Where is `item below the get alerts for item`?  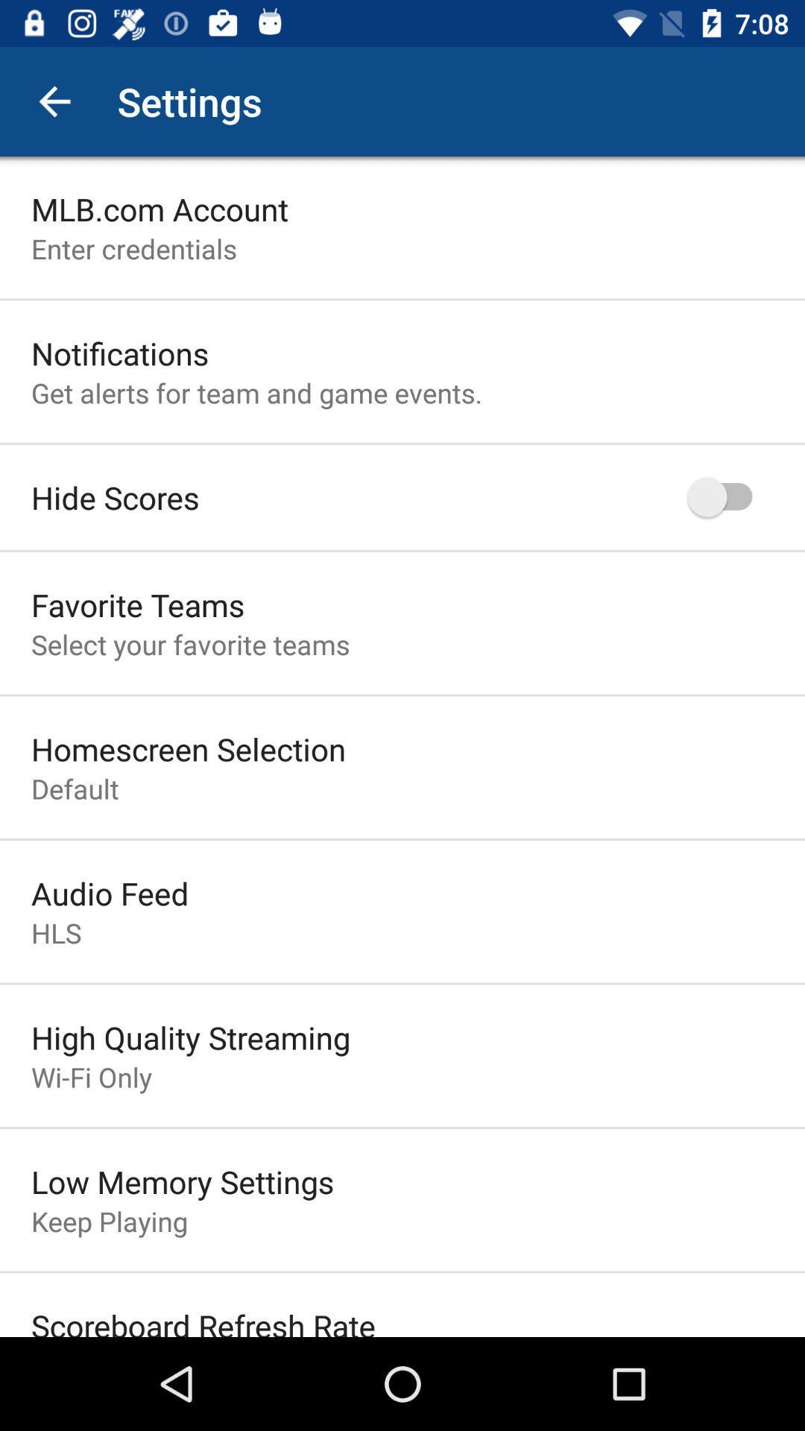
item below the get alerts for item is located at coordinates (114, 497).